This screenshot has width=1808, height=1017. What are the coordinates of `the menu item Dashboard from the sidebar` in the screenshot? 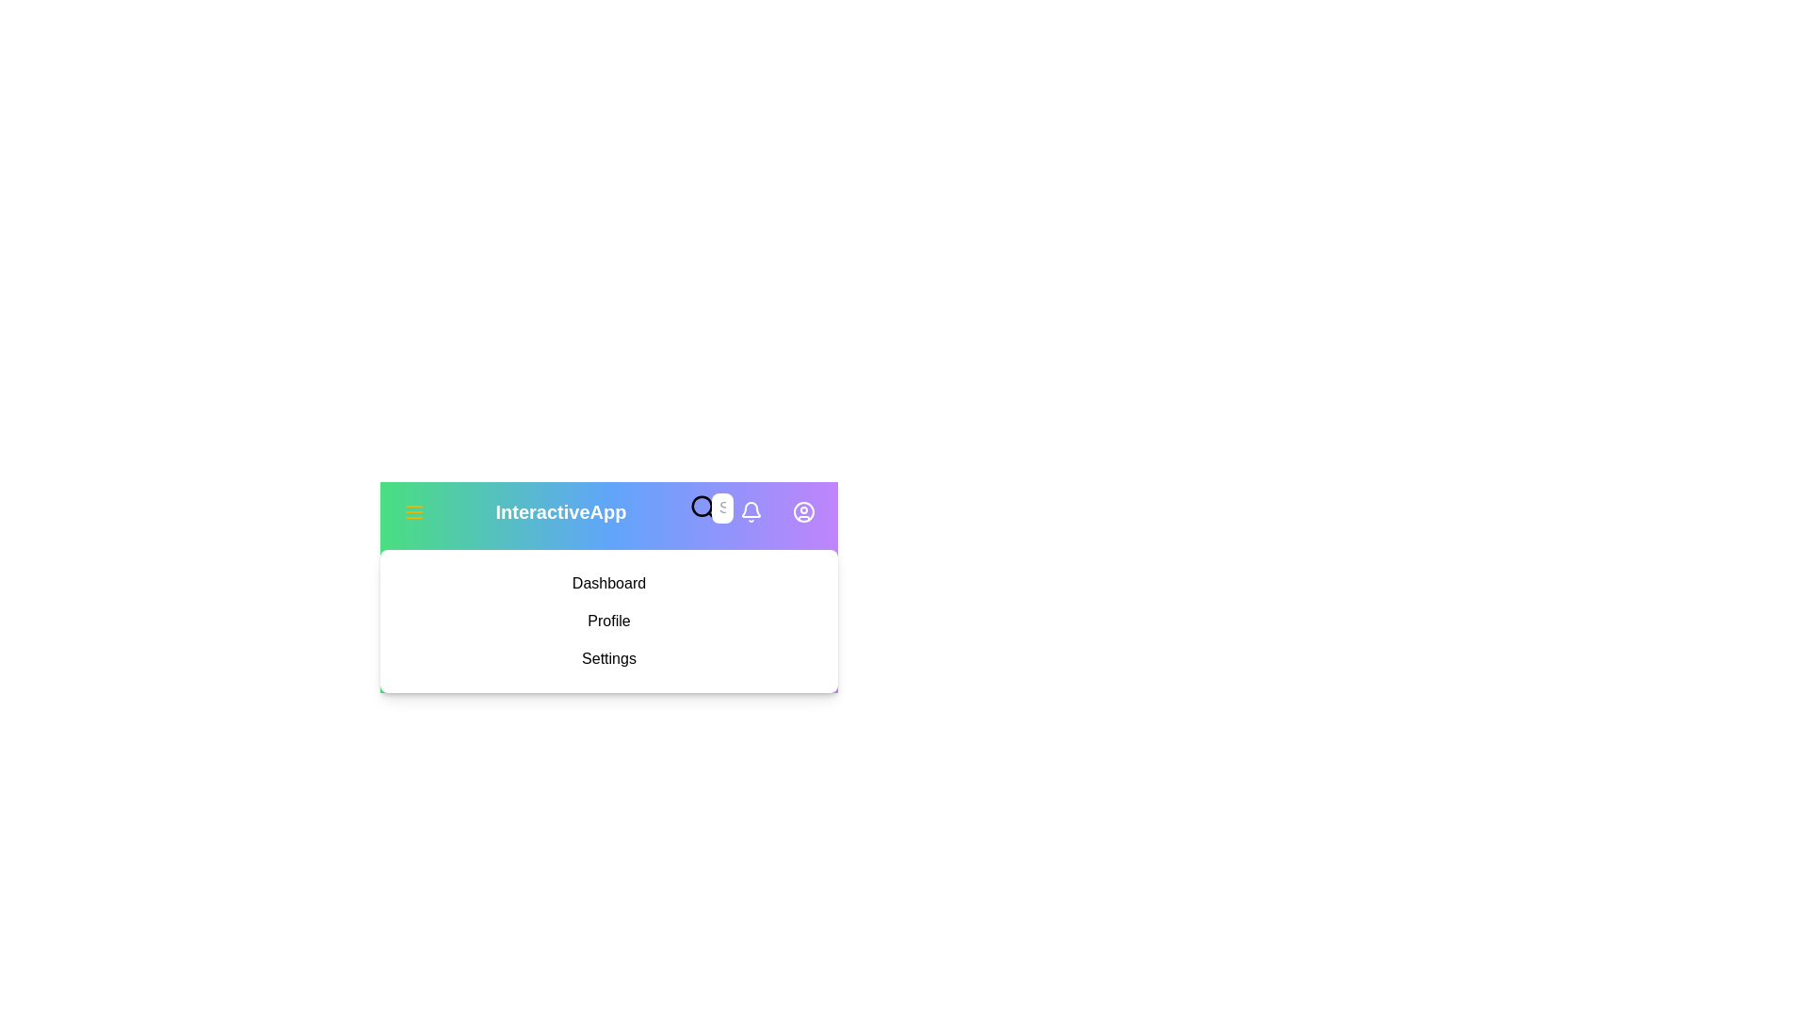 It's located at (609, 583).